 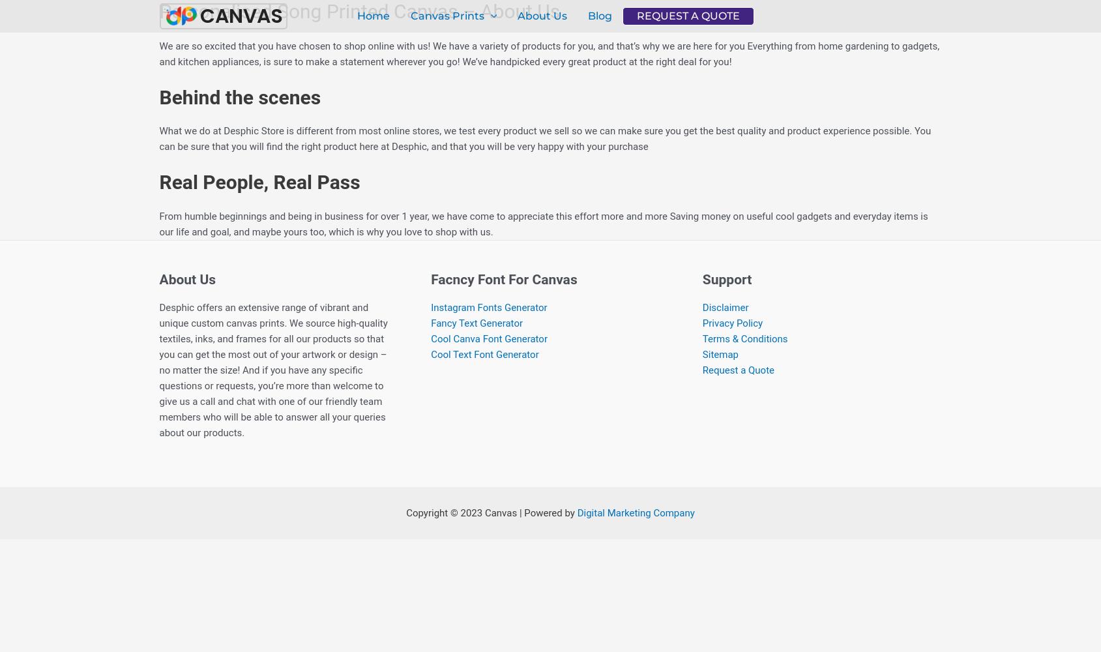 What do you see at coordinates (544, 138) in the screenshot?
I see `'What we do at Desphic Store is different from most online stores, we test every product we sell so we can make sure you get the best quality and product experience possible. You can be sure that you will find the right product here at Desphic, and that you will be very happy with your purchase'` at bounding box center [544, 138].